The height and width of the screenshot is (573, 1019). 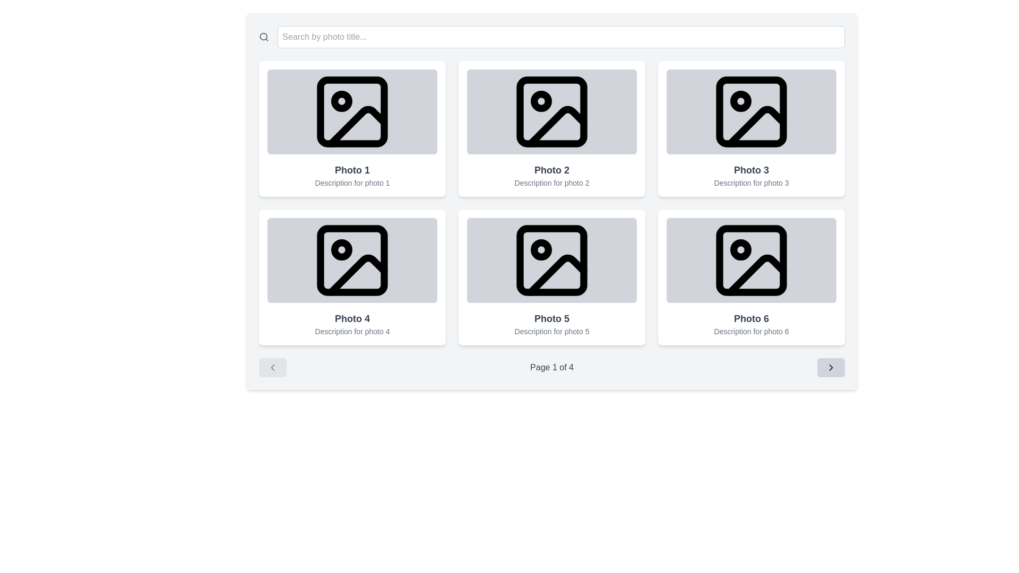 I want to click on the graphical detail represented by the circle in the upper left area of the 'Photo 4' image icon located in the bottom-left section of the image grid, so click(x=341, y=249).